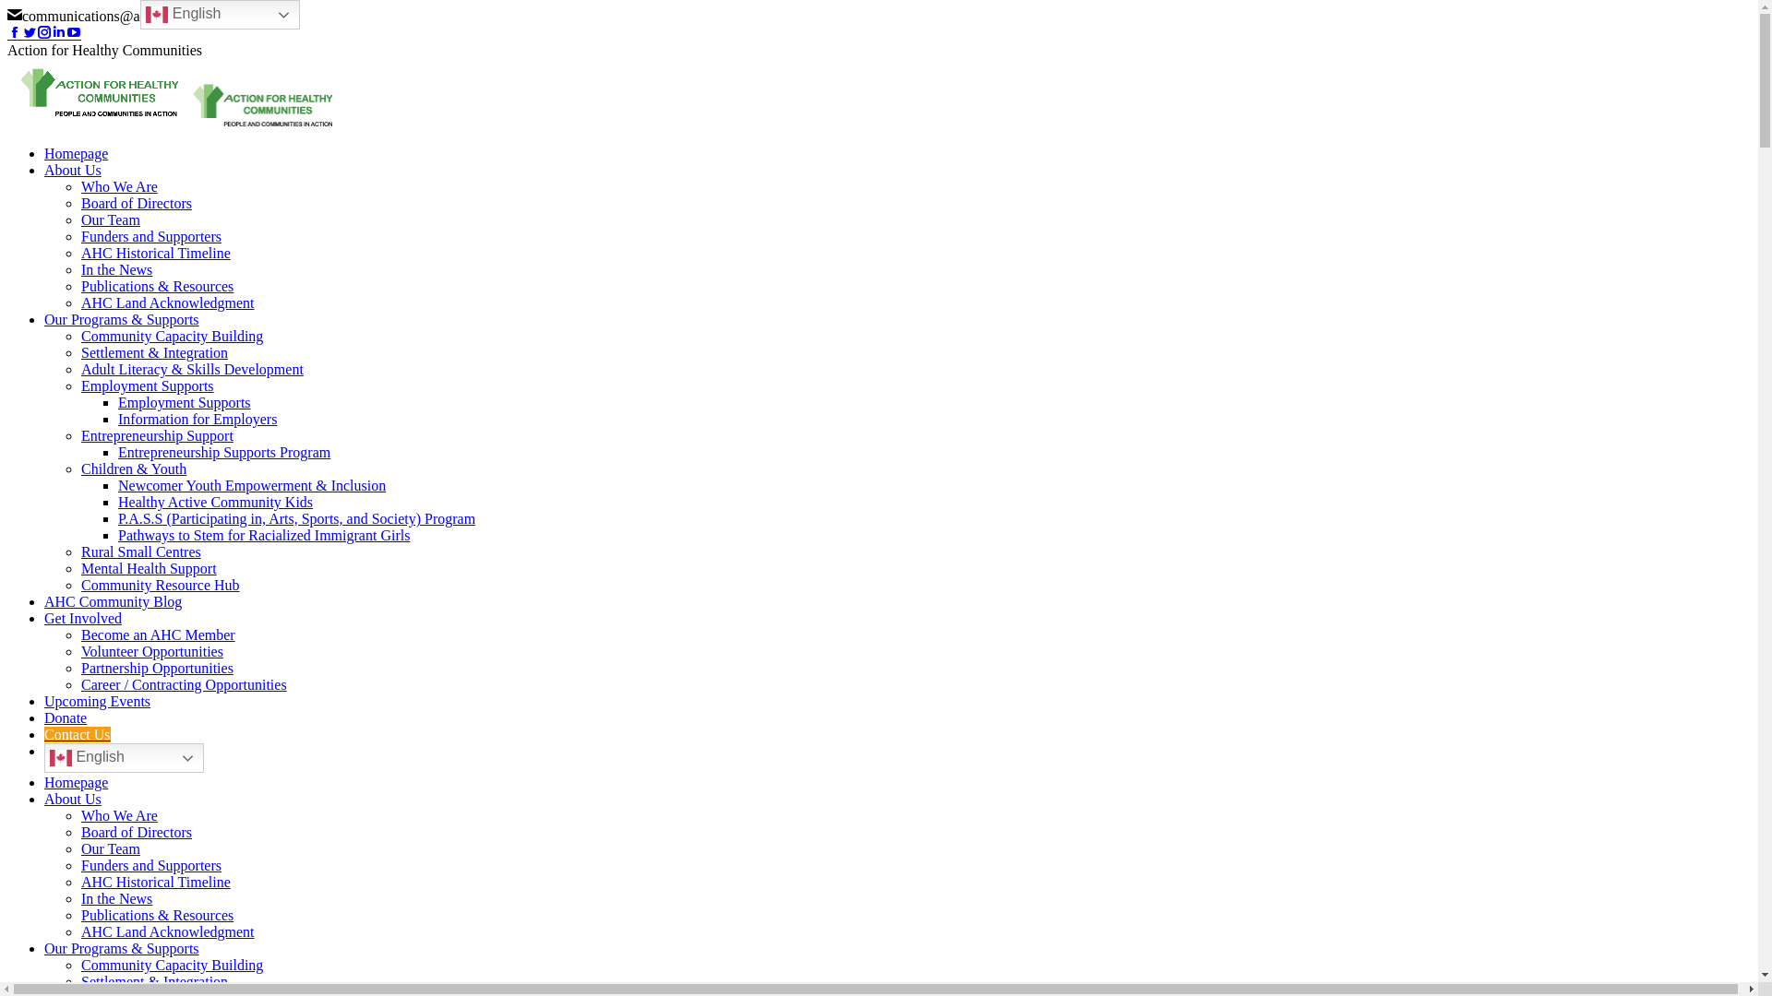 This screenshot has width=1772, height=996. What do you see at coordinates (118, 814) in the screenshot?
I see `'Who We Are'` at bounding box center [118, 814].